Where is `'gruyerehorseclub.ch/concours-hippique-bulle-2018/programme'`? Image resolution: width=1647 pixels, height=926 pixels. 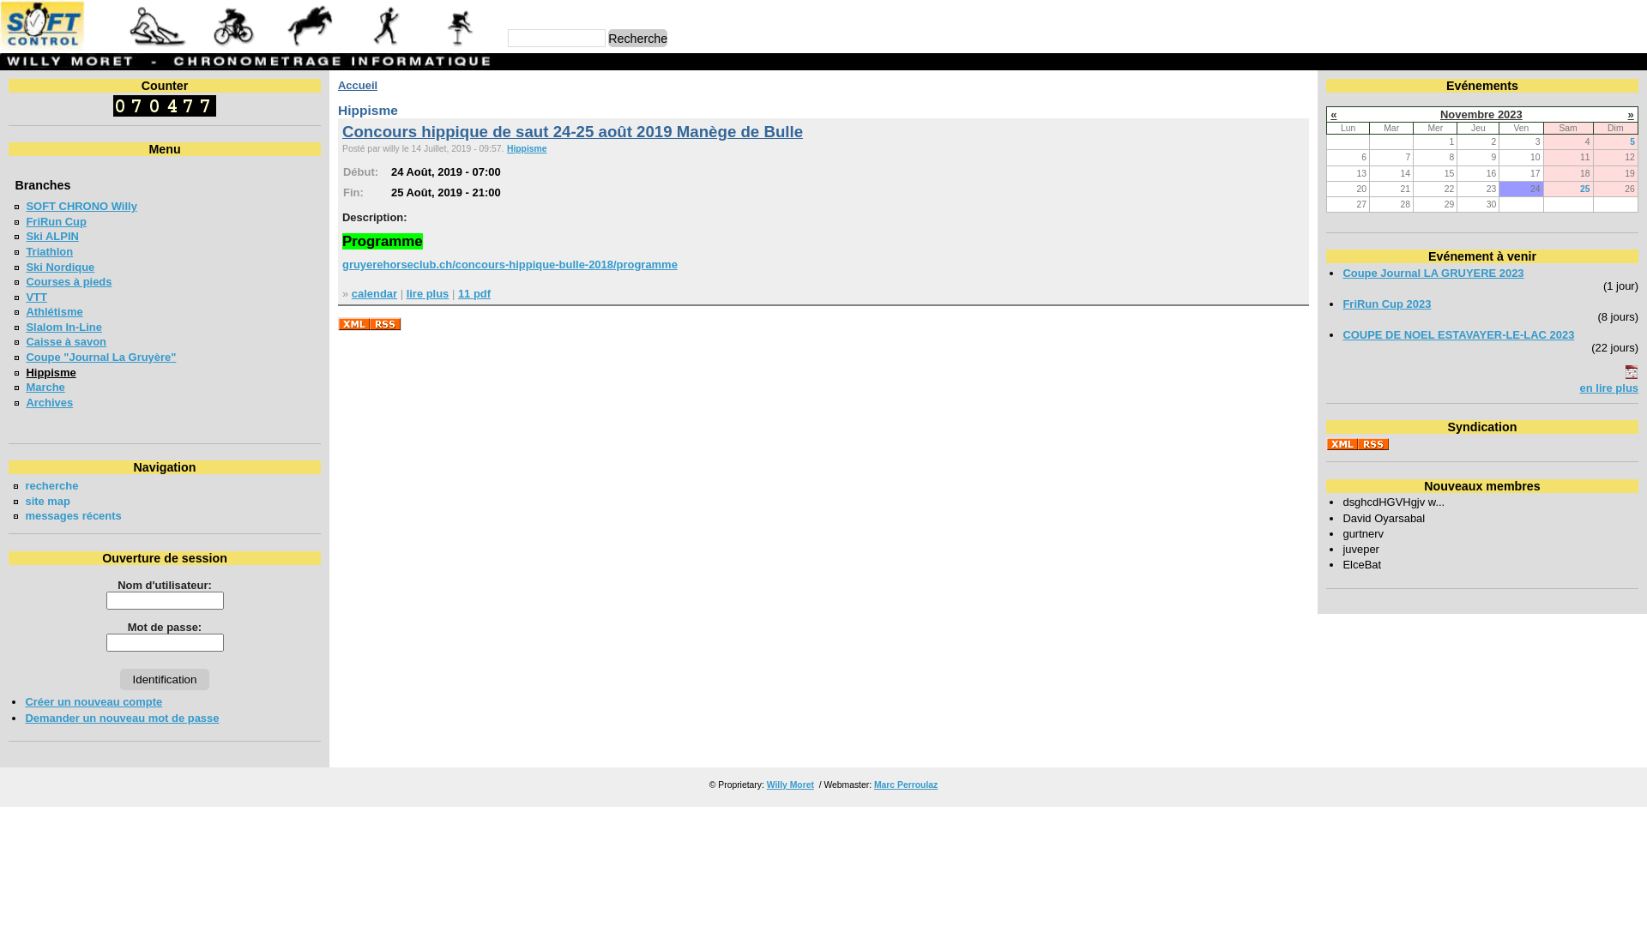 'gruyerehorseclub.ch/concours-hippique-bulle-2018/programme' is located at coordinates (509, 264).